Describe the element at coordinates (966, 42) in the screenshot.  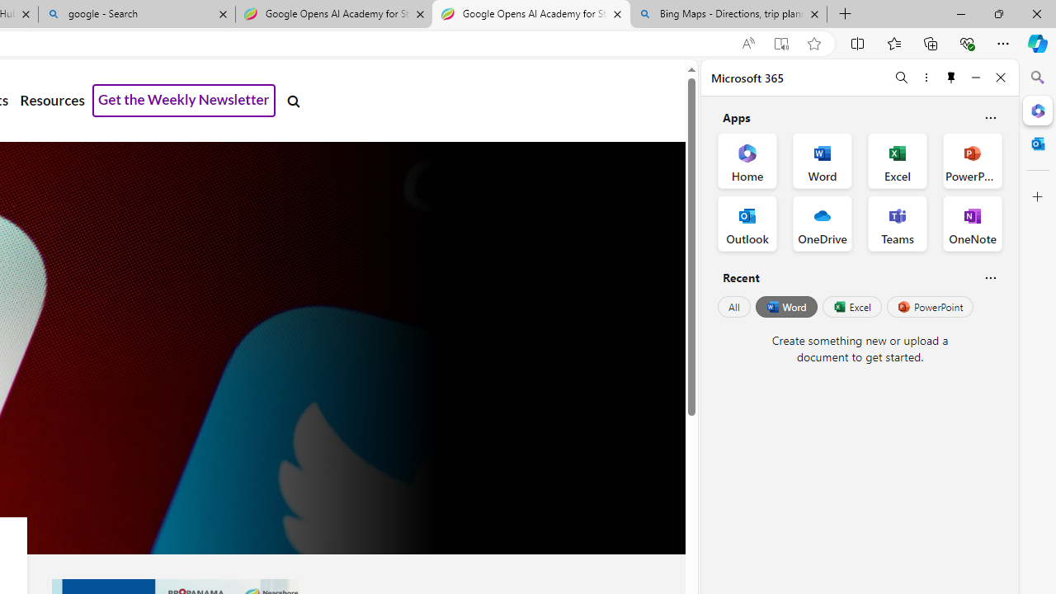
I see `'Browser essentials'` at that location.